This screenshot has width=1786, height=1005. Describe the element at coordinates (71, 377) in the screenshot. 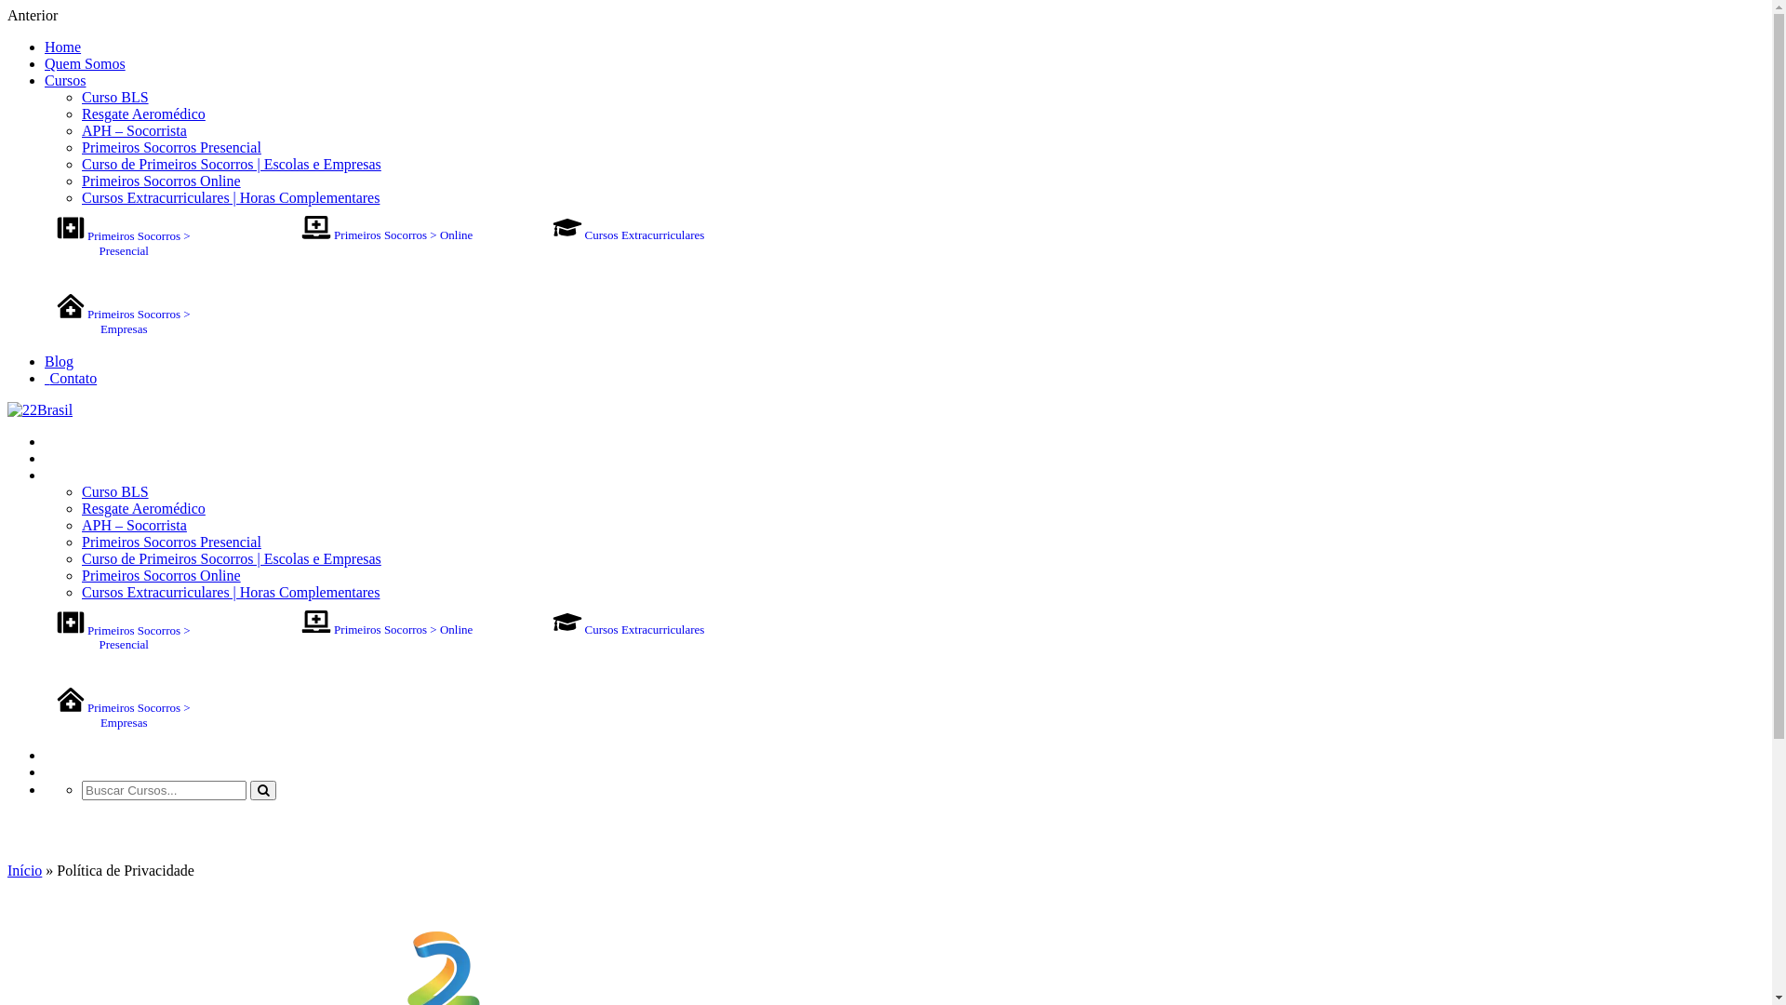

I see `'Contato'` at that location.